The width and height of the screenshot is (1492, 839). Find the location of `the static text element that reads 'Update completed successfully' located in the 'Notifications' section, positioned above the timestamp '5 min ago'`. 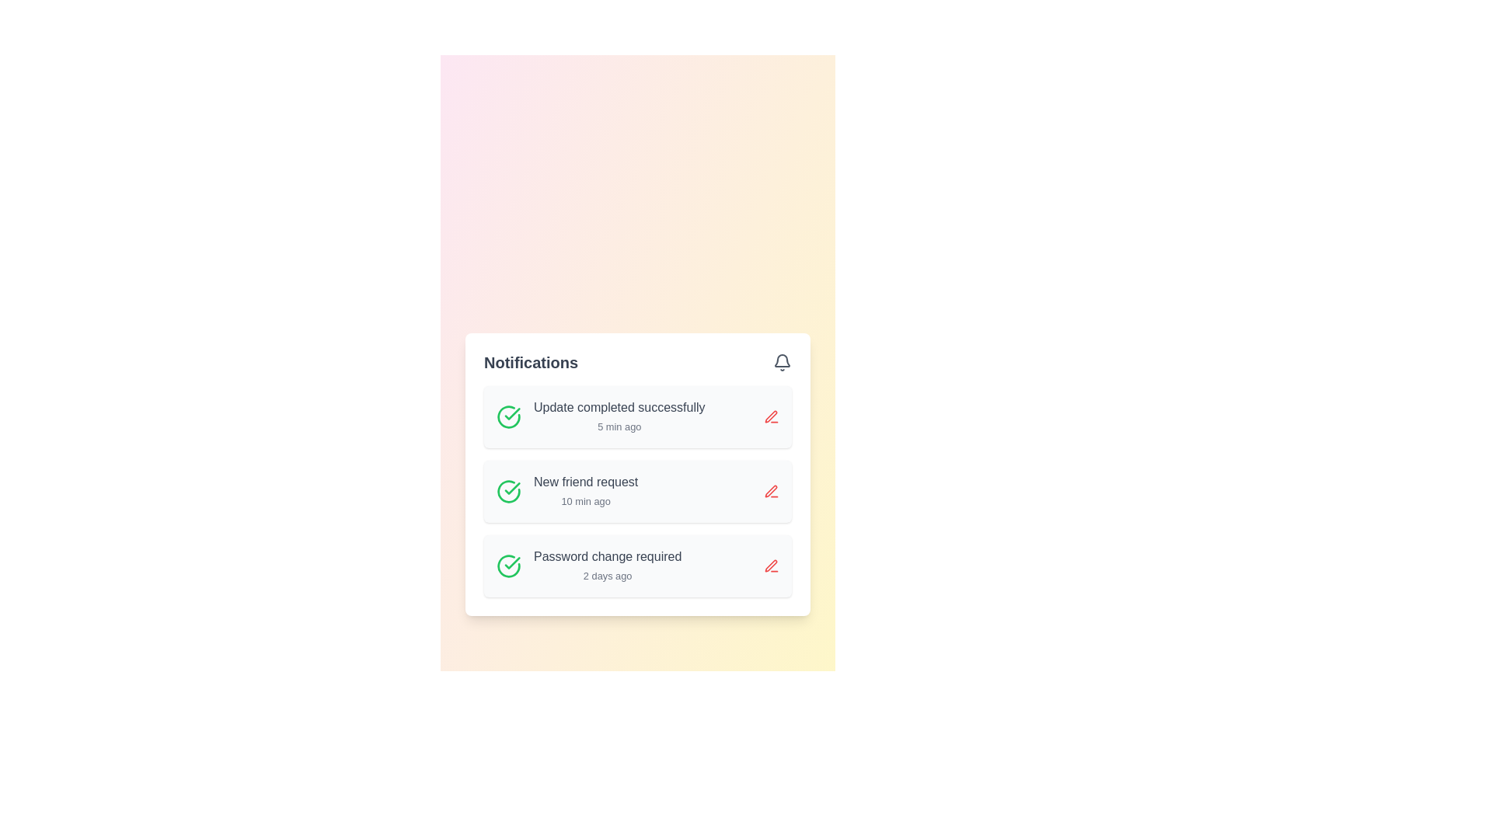

the static text element that reads 'Update completed successfully' located in the 'Notifications' section, positioned above the timestamp '5 min ago' is located at coordinates (619, 406).